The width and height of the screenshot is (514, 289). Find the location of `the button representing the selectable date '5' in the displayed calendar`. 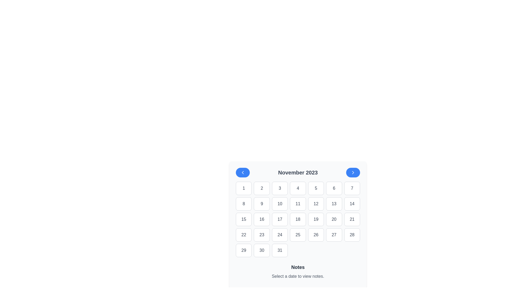

the button representing the selectable date '5' in the displayed calendar is located at coordinates (316, 188).